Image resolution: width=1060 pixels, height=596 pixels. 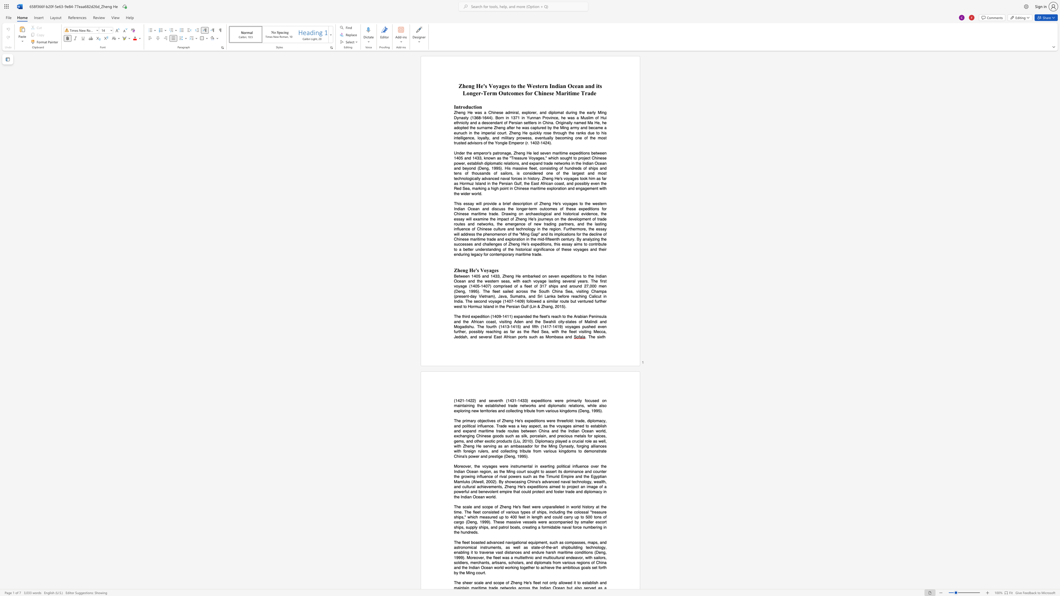 What do you see at coordinates (543, 306) in the screenshot?
I see `the space between the continuous character "Z" and "h" in the text` at bounding box center [543, 306].